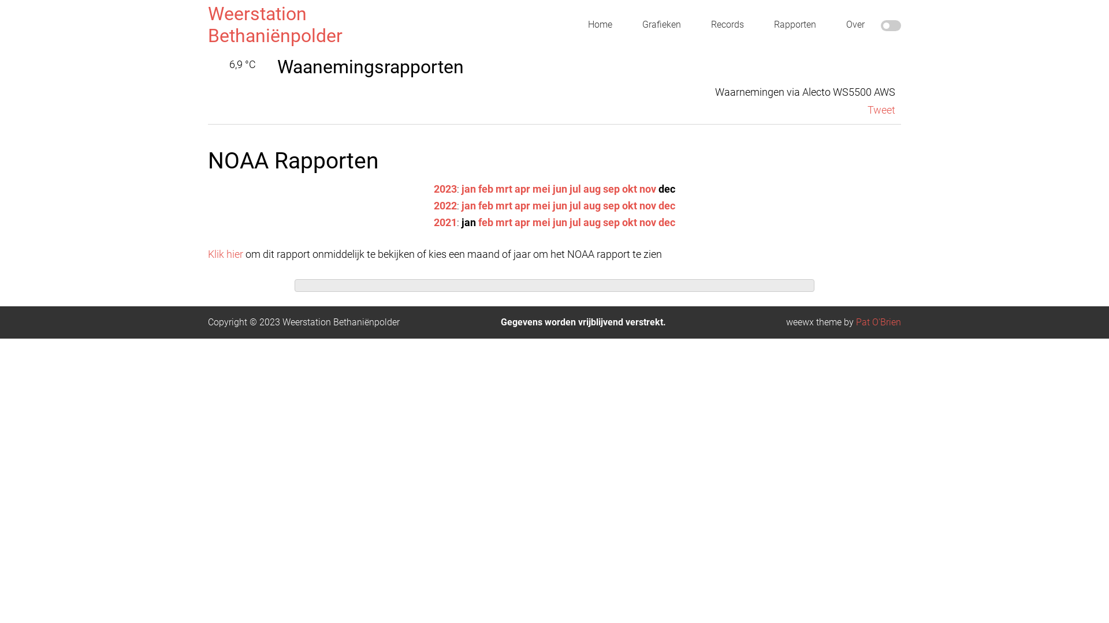 The width and height of the screenshot is (1109, 623). I want to click on 'mrt', so click(504, 205).